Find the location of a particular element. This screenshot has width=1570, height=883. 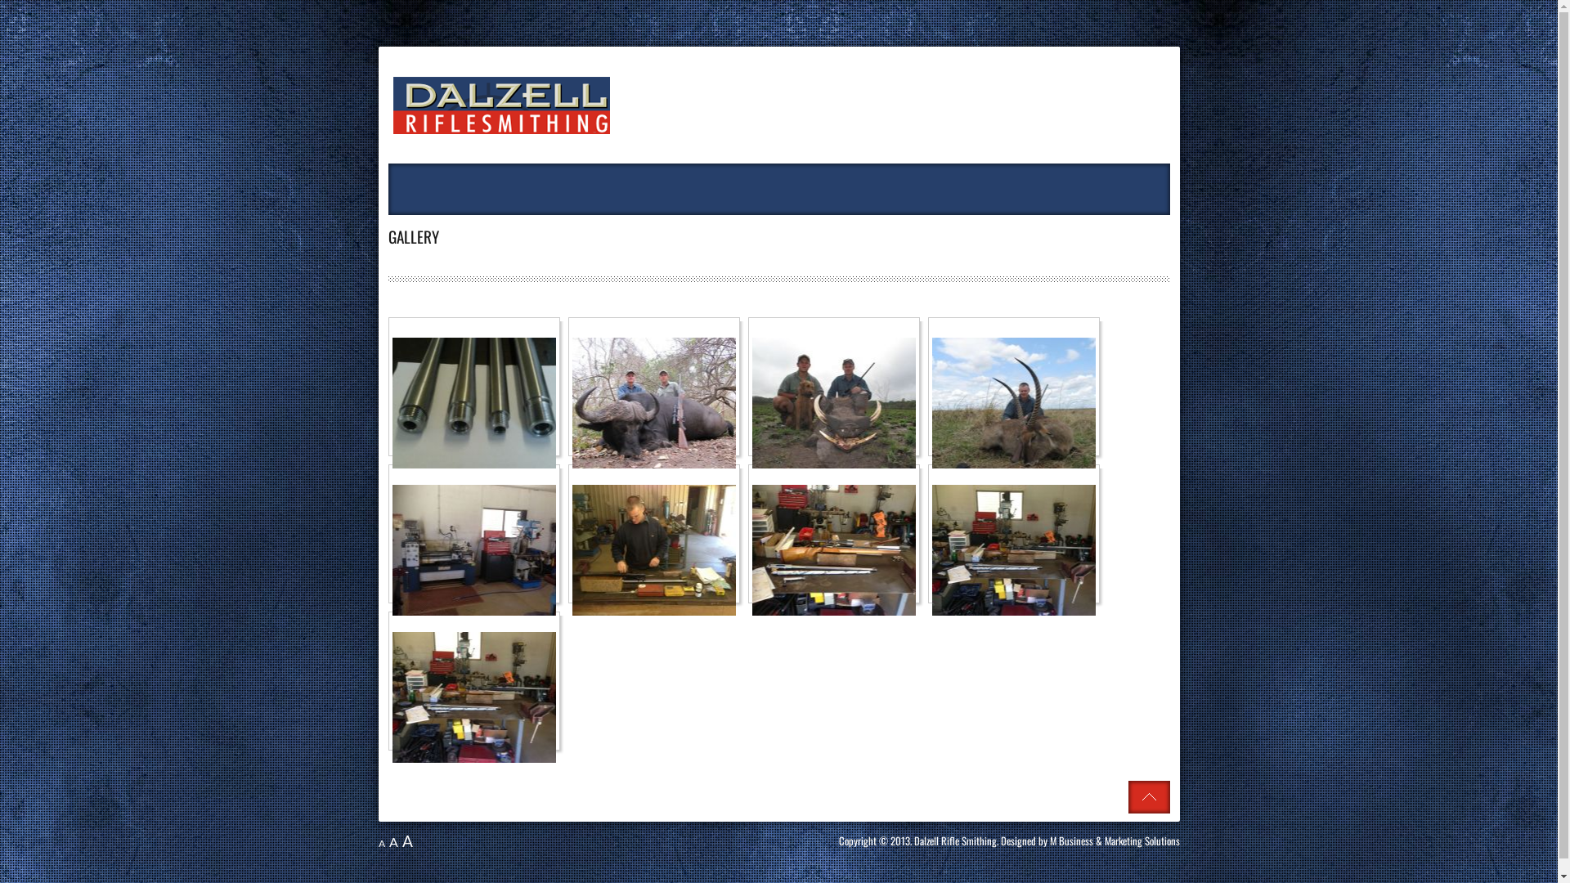

'Click to enlarge image Barrel pic.jpg' is located at coordinates (473, 403).